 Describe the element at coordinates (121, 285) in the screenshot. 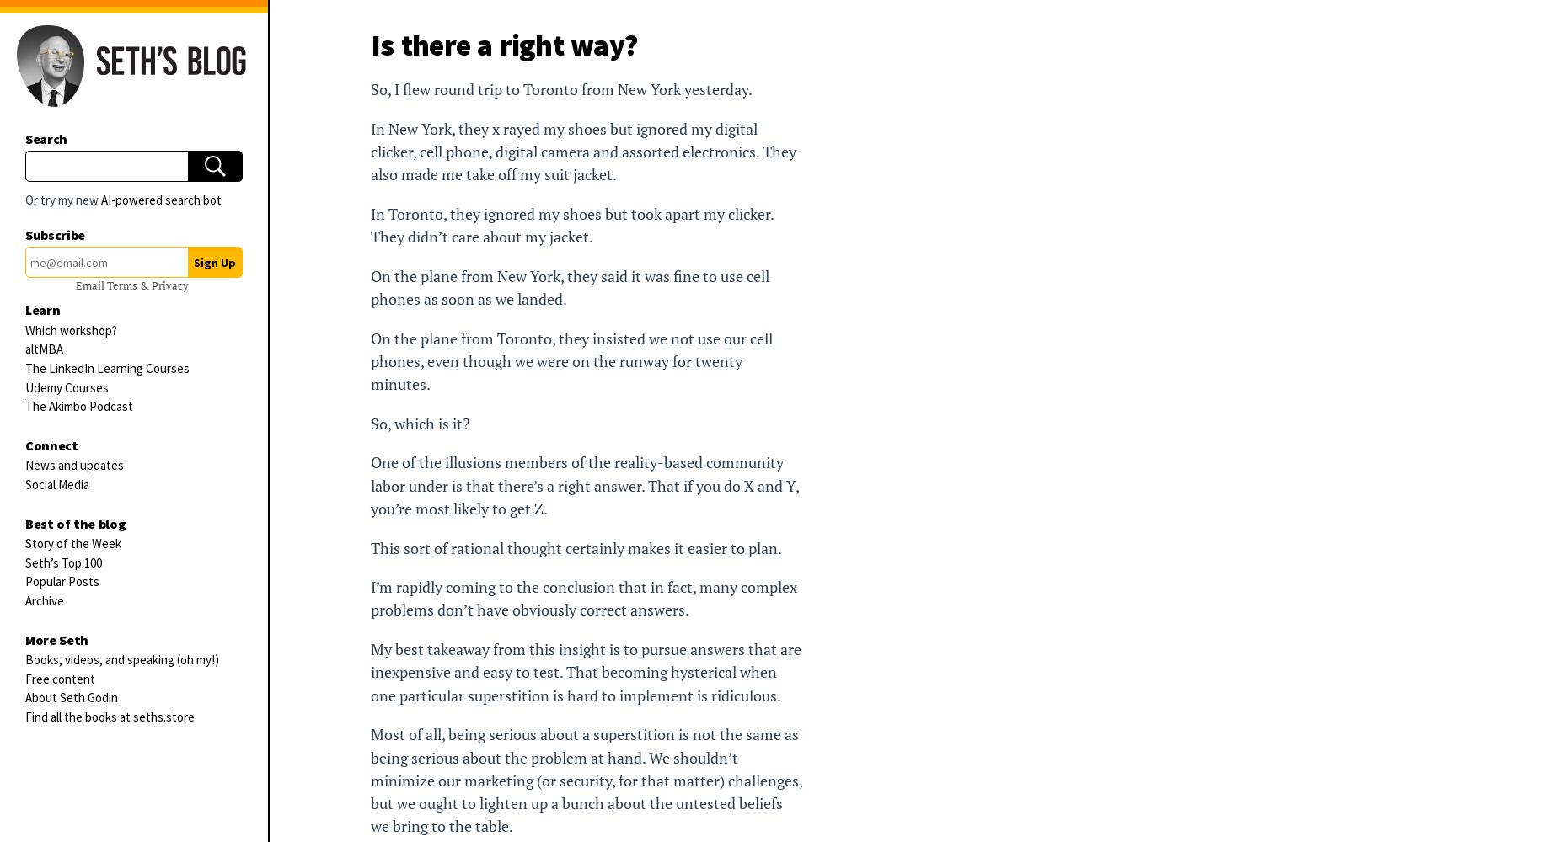

I see `'Terms'` at that location.